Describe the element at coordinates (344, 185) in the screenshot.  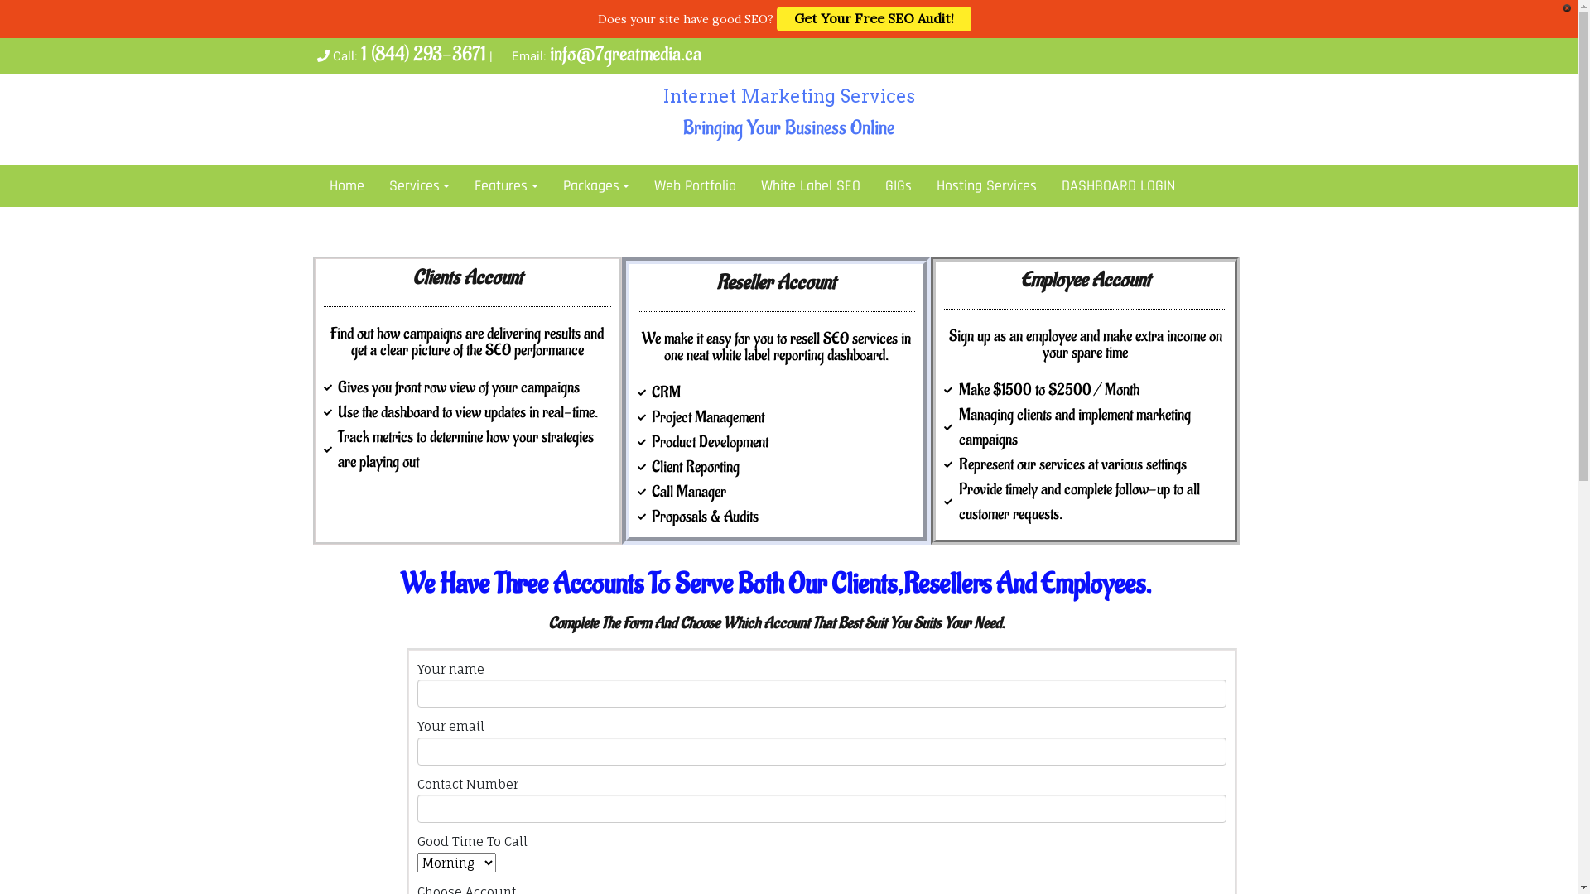
I see `'Home'` at that location.